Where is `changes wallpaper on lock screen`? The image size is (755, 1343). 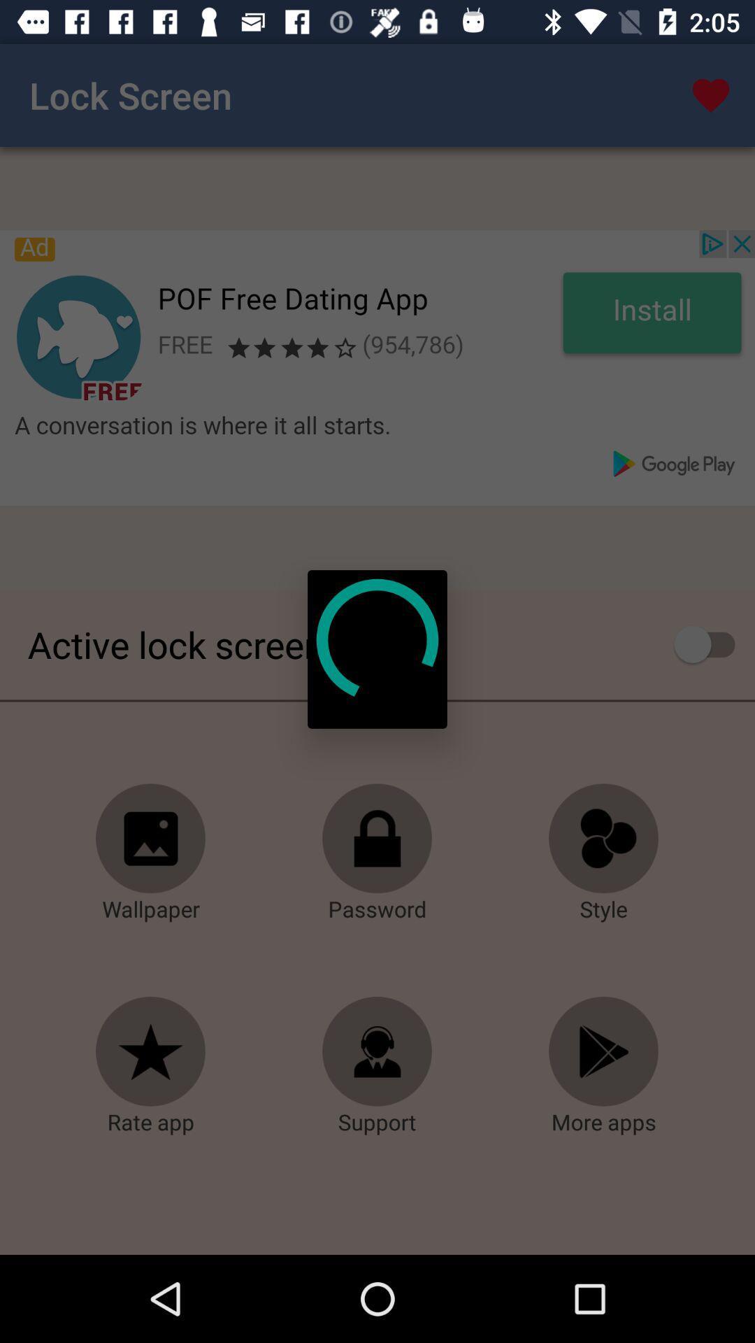 changes wallpaper on lock screen is located at coordinates (151, 839).